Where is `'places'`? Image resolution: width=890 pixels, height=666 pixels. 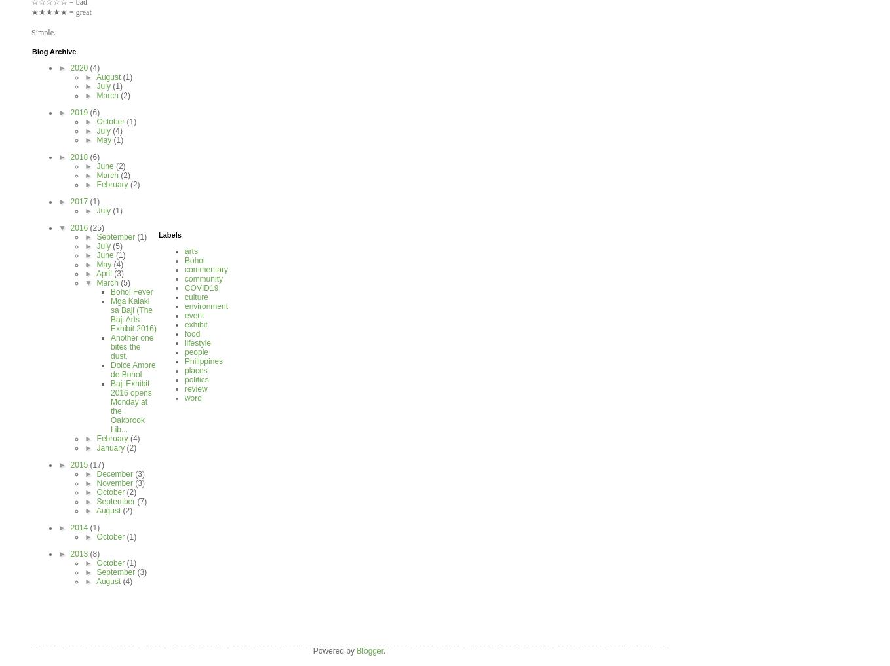 'places' is located at coordinates (184, 370).